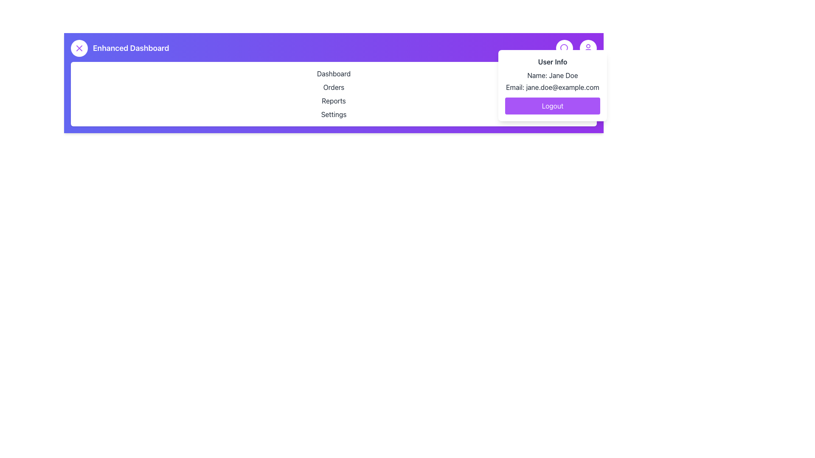 This screenshot has height=458, width=815. Describe the element at coordinates (333, 73) in the screenshot. I see `the 'Dashboard' text label, which is the first item in a vertical list of navigation links` at that location.